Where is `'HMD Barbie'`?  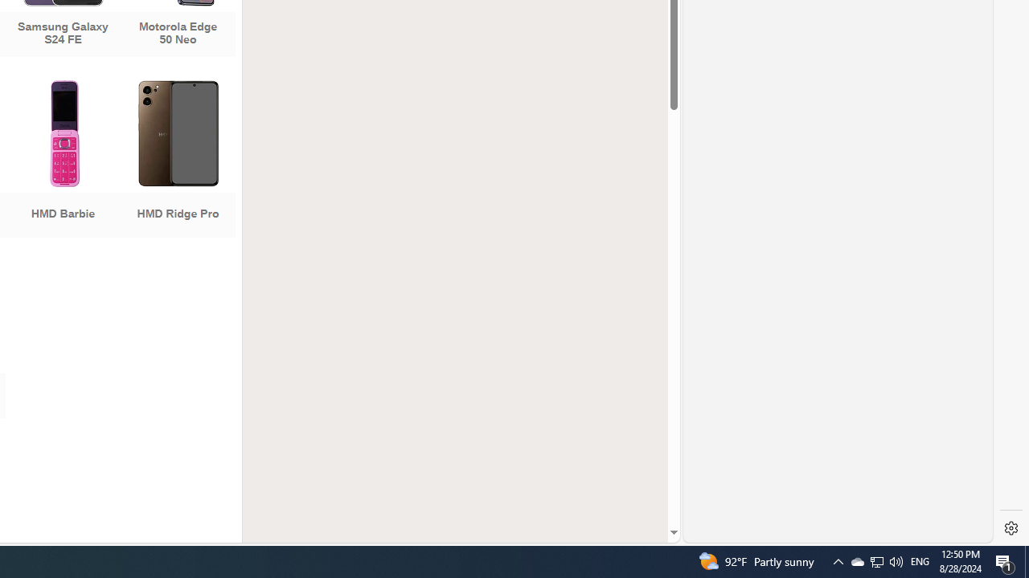 'HMD Barbie' is located at coordinates (63, 161).